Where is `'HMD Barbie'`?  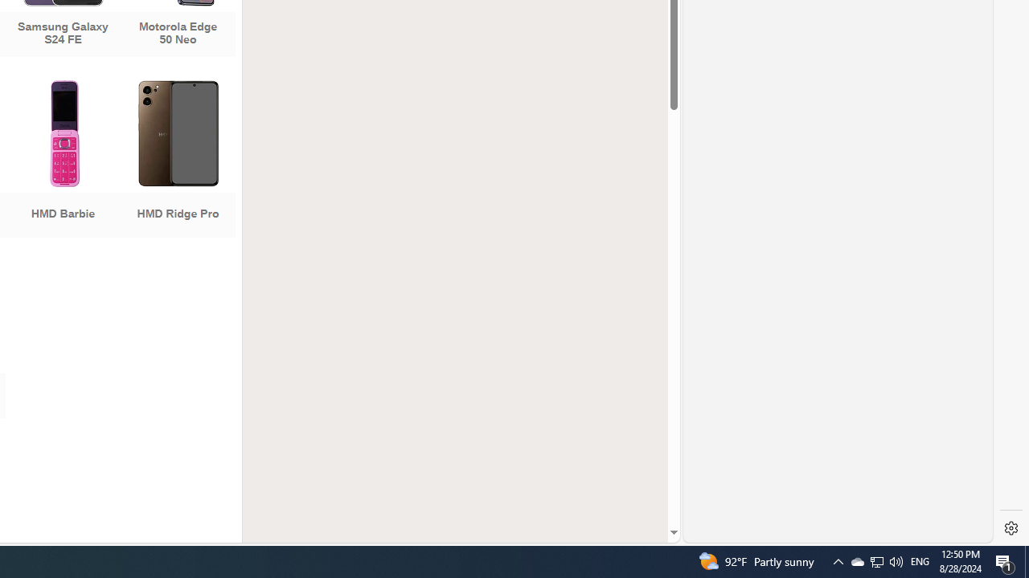 'HMD Barbie' is located at coordinates (63, 161).